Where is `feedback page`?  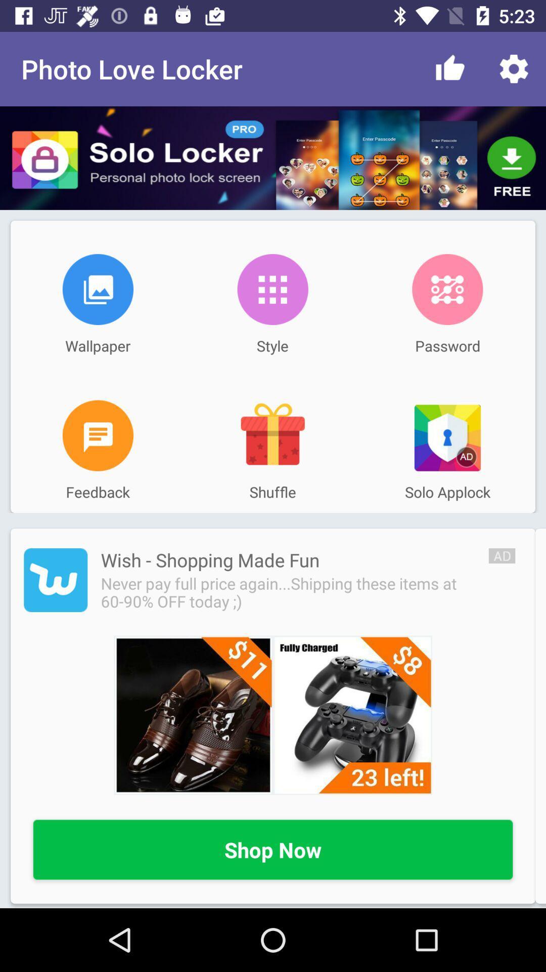 feedback page is located at coordinates (98, 435).